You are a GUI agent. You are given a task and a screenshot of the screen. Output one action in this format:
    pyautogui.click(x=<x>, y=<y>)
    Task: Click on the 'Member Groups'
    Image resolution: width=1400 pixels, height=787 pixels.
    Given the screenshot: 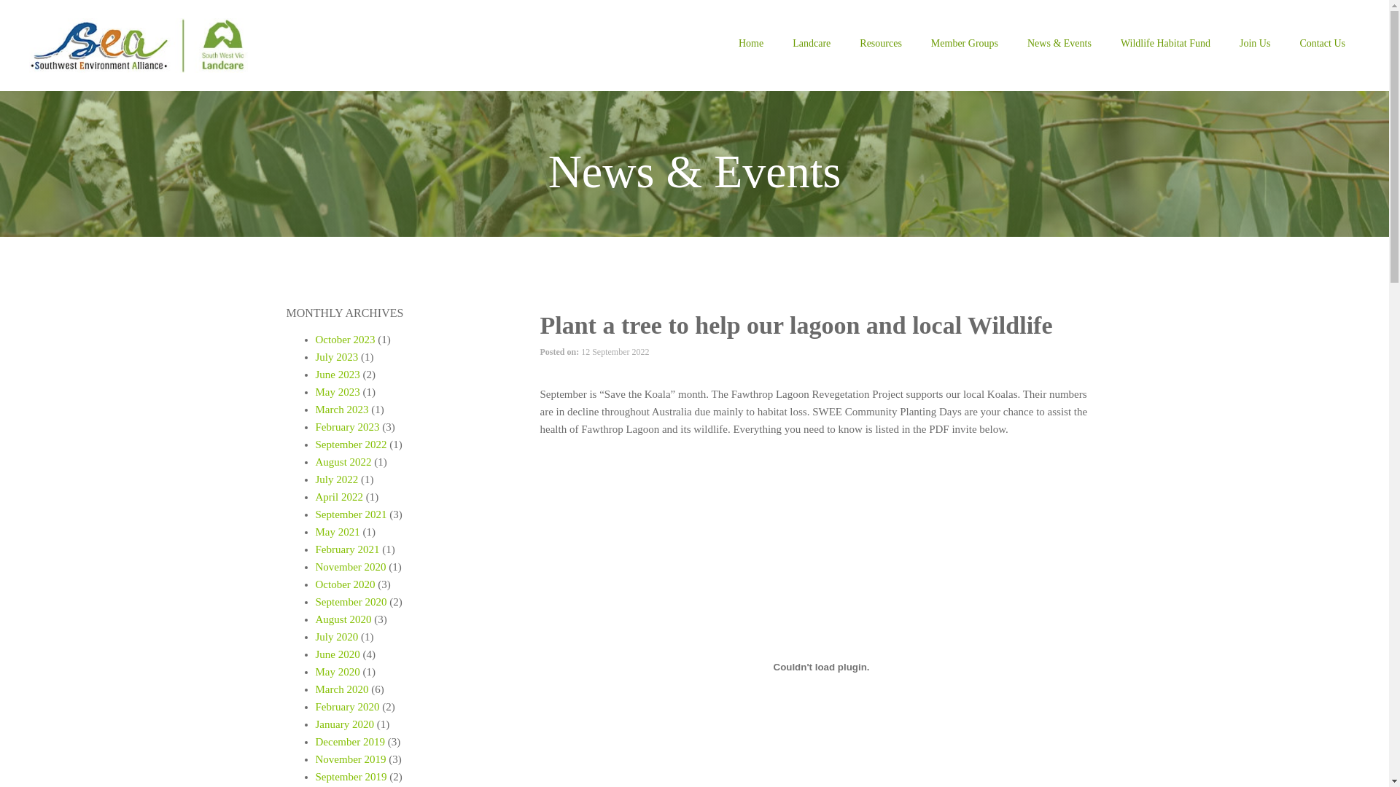 What is the action you would take?
    pyautogui.click(x=965, y=44)
    